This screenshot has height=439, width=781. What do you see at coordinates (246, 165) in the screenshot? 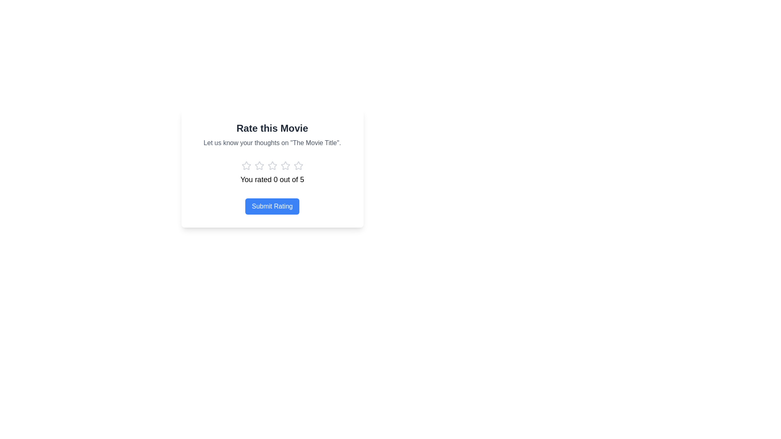
I see `the leftmost gray outlined star in the rating widget to assign a rating` at bounding box center [246, 165].